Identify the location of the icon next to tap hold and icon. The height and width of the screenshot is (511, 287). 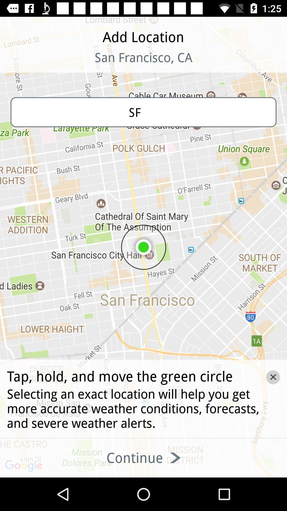
(273, 377).